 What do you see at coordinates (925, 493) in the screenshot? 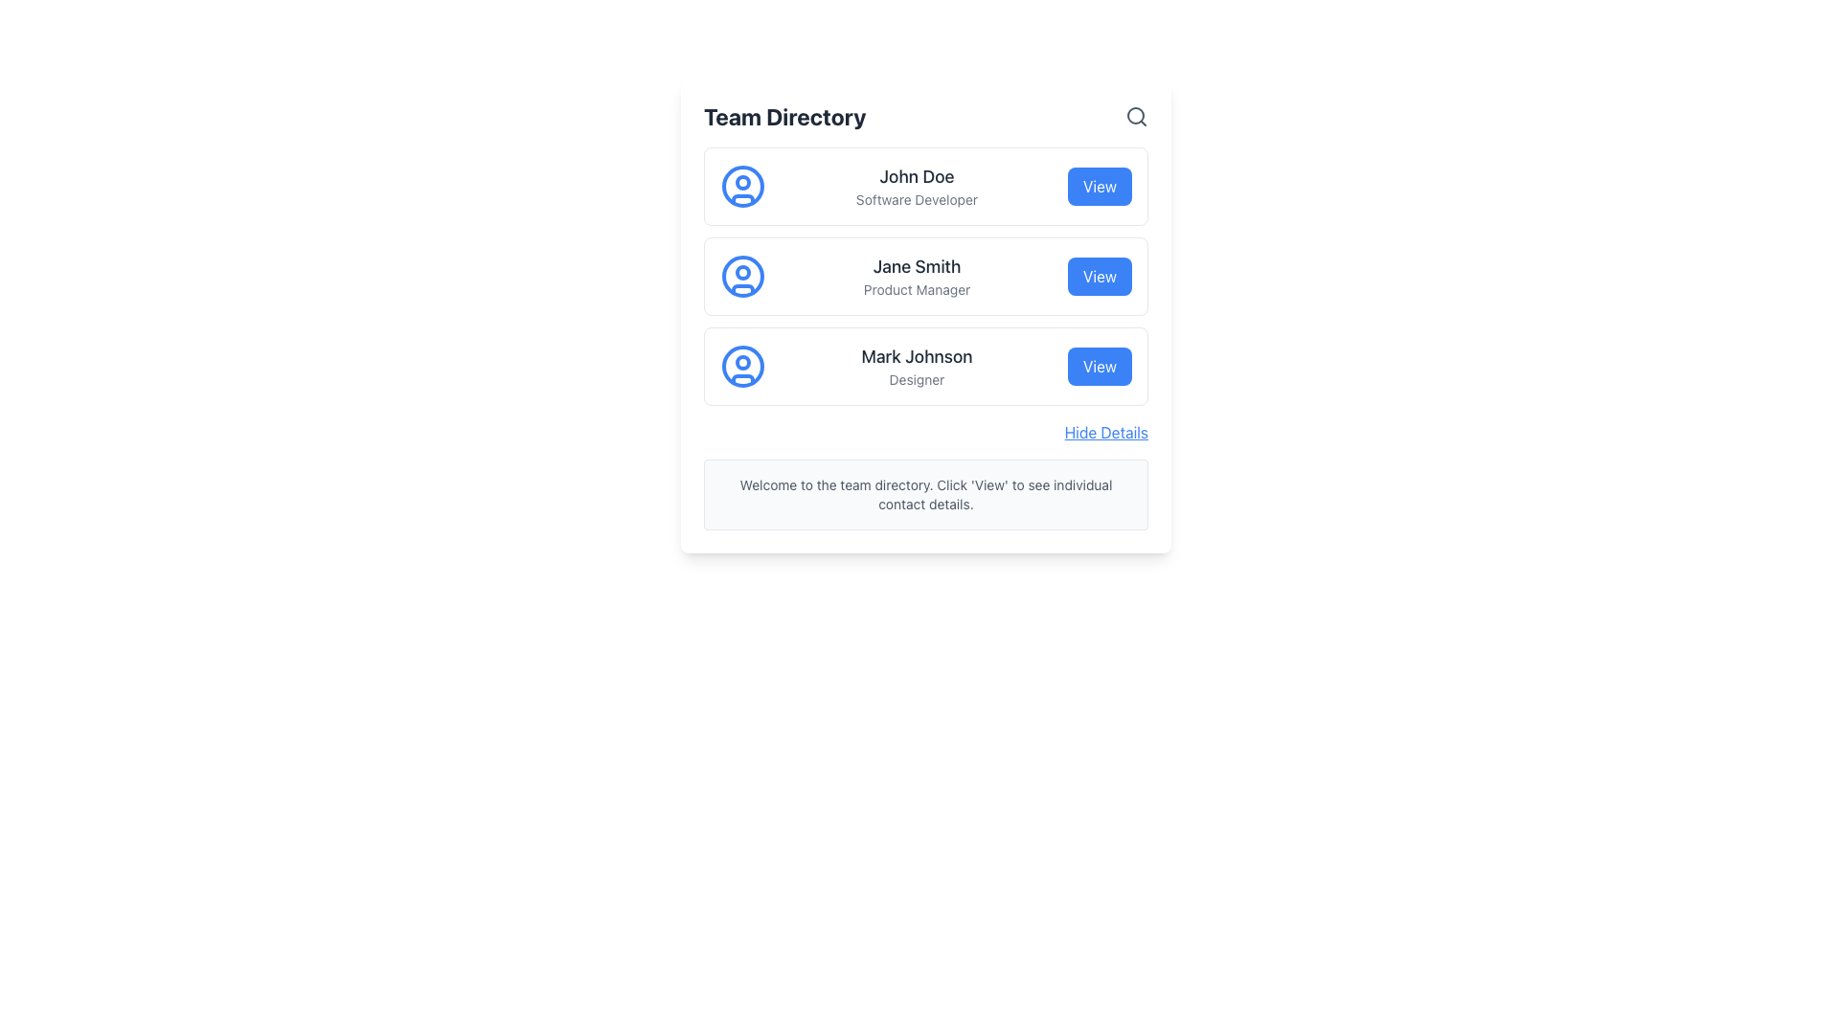
I see `the informational text block that displays 'Welcome to the team directory. Click 'View'` at bounding box center [925, 493].